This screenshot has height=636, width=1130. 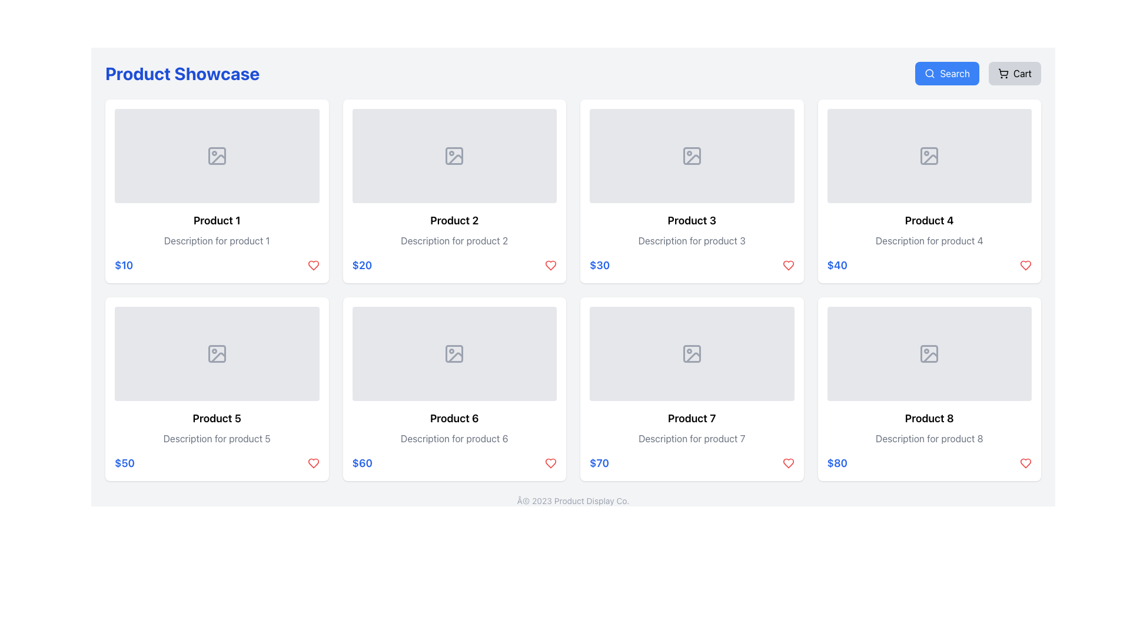 What do you see at coordinates (550, 462) in the screenshot?
I see `the heart-shaped icon located in the lower-right corner of the product card for 'Product 6' to potentially view a tooltip or animation` at bounding box center [550, 462].